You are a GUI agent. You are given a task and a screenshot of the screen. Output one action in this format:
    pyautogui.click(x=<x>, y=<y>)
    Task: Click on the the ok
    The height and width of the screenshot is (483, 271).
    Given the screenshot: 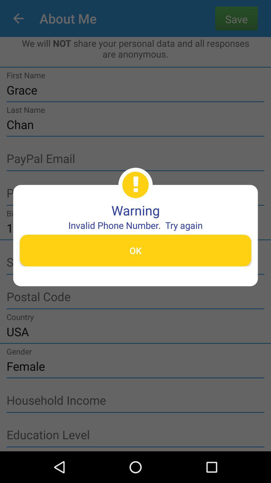 What is the action you would take?
    pyautogui.click(x=135, y=250)
    